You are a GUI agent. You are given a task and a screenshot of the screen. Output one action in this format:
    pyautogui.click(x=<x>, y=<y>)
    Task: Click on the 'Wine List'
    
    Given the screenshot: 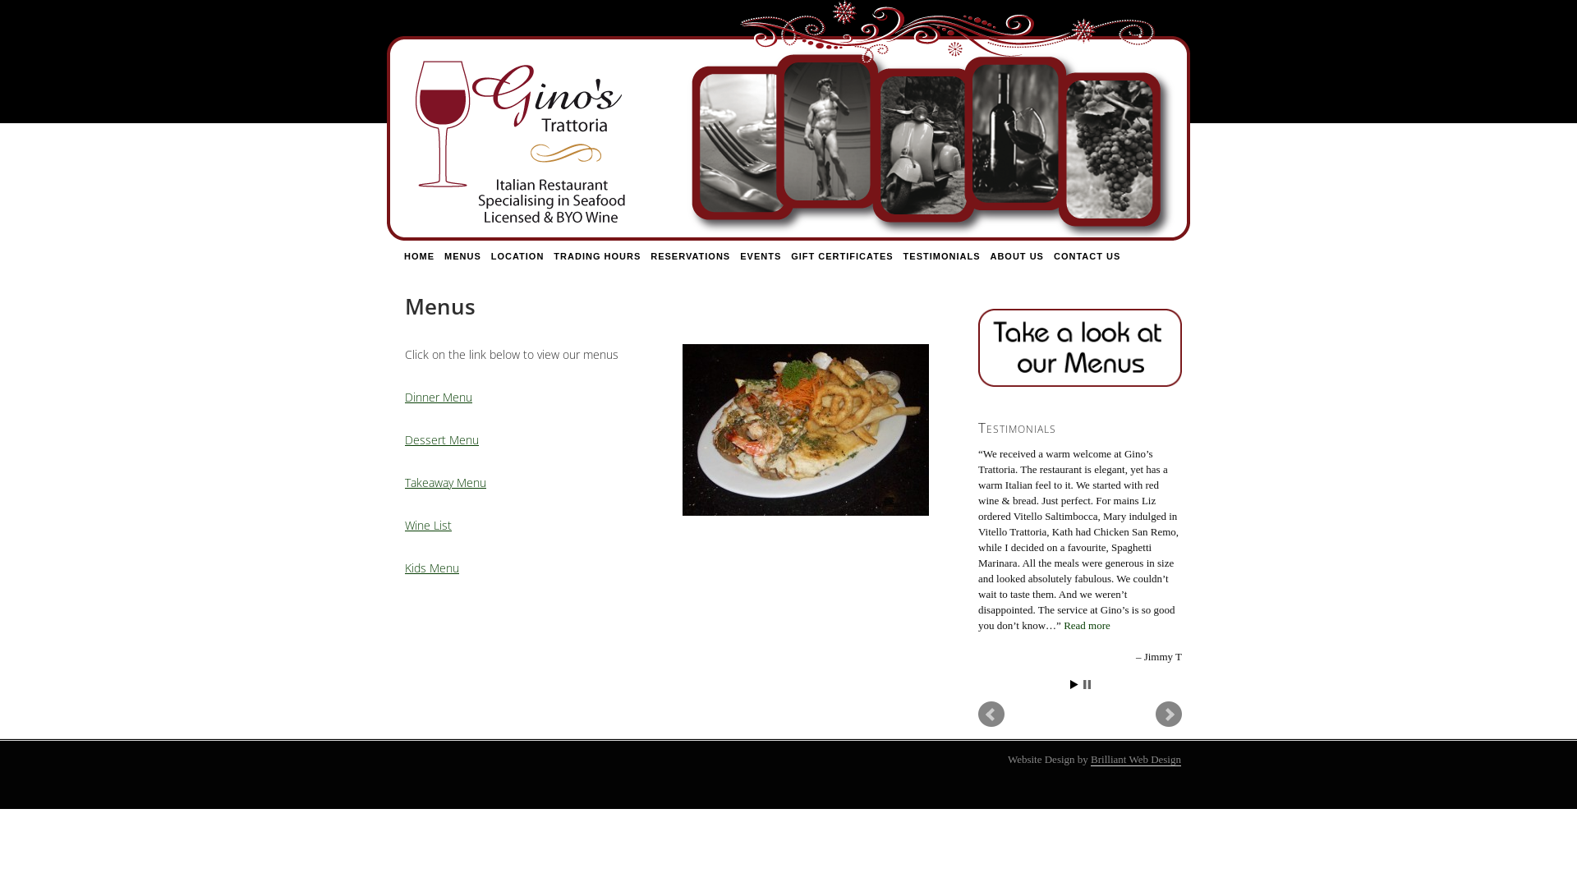 What is the action you would take?
    pyautogui.click(x=428, y=525)
    